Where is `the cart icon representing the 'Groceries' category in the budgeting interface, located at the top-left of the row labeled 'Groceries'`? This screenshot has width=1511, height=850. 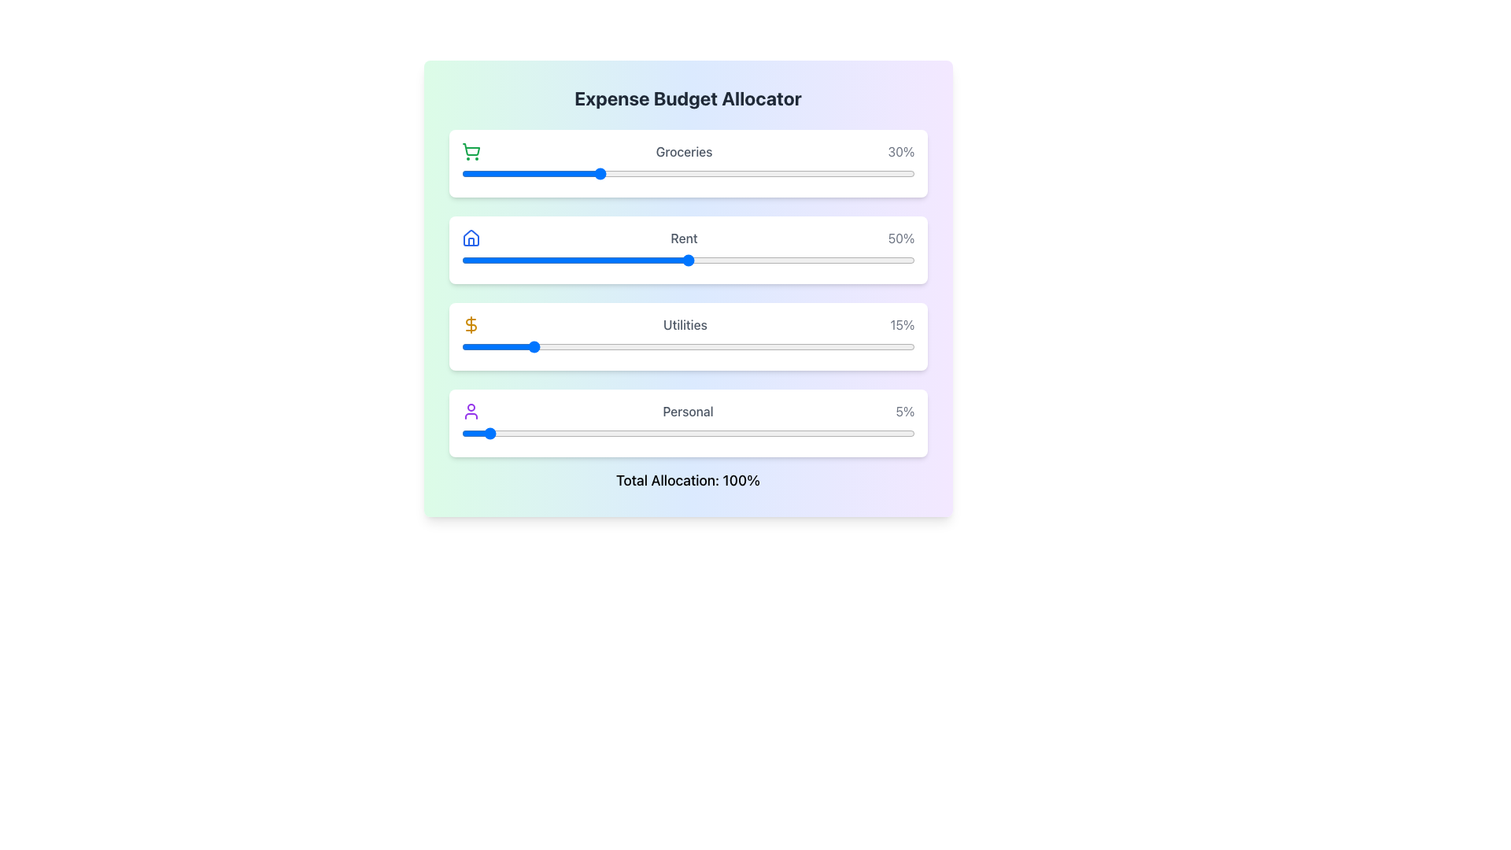
the cart icon representing the 'Groceries' category in the budgeting interface, located at the top-left of the row labeled 'Groceries' is located at coordinates (470, 151).